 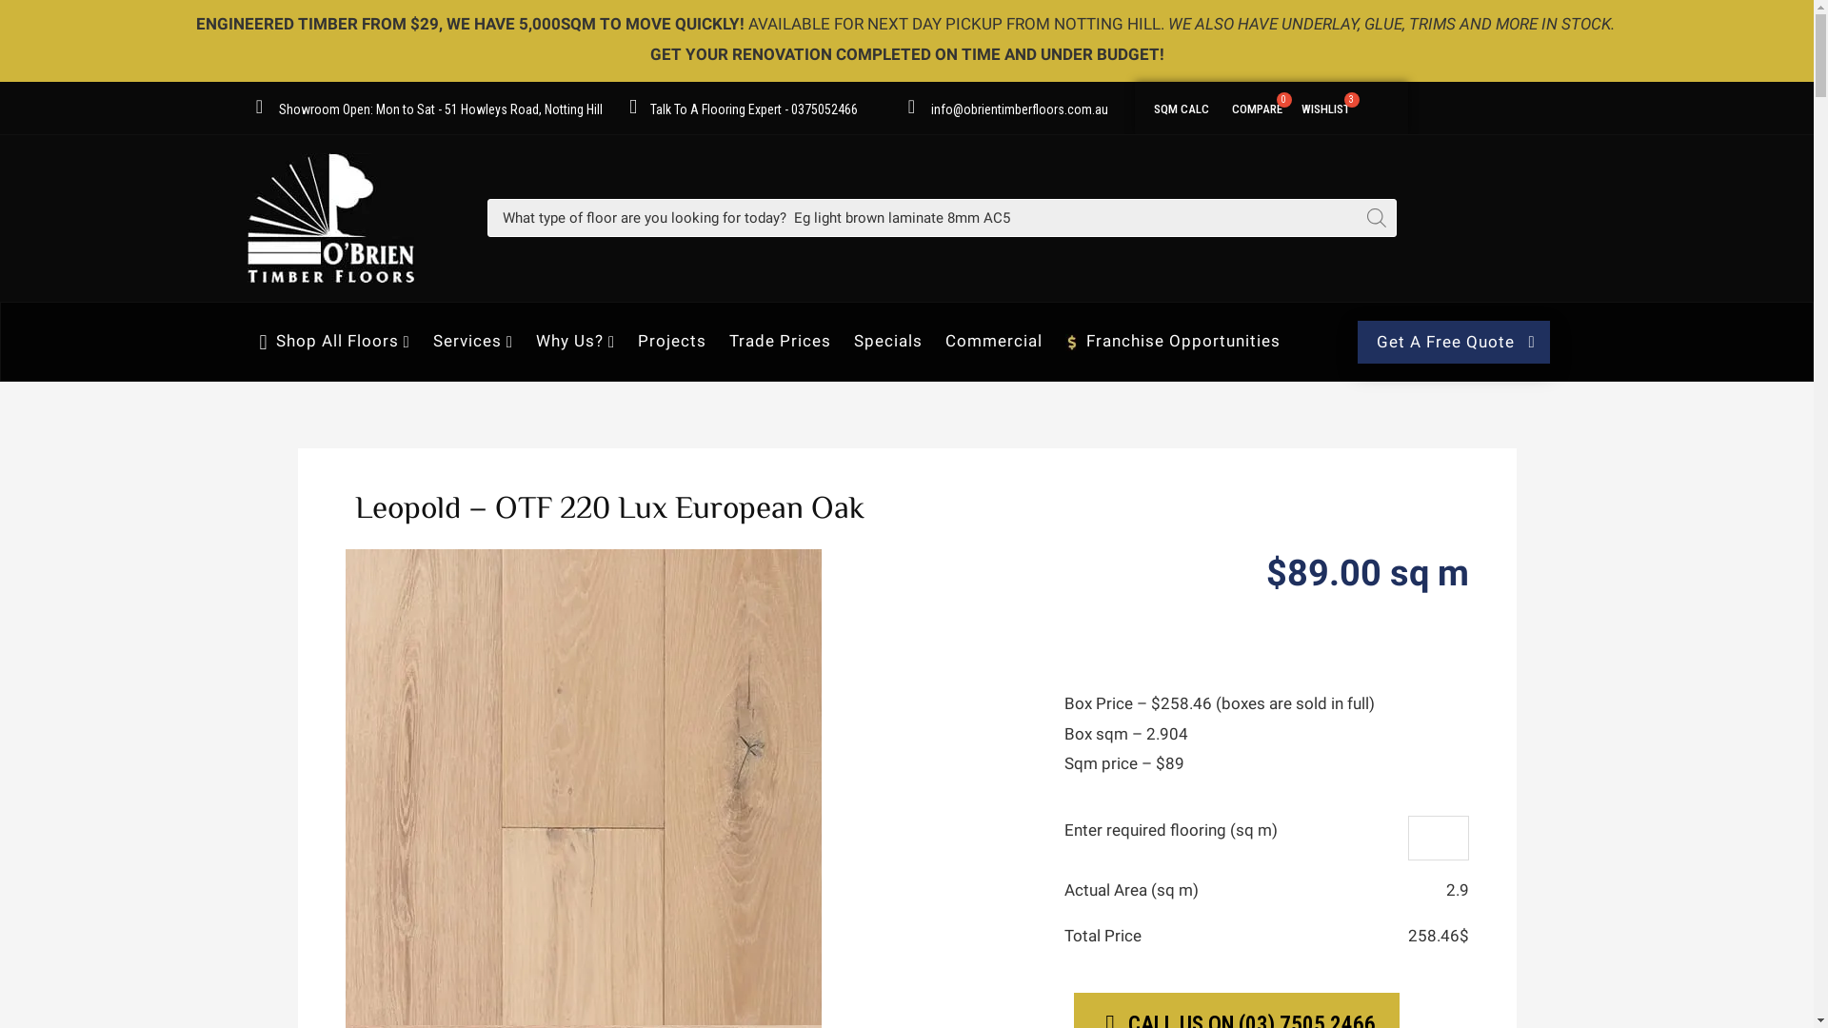 I want to click on 'Shop All Floors', so click(x=334, y=340).